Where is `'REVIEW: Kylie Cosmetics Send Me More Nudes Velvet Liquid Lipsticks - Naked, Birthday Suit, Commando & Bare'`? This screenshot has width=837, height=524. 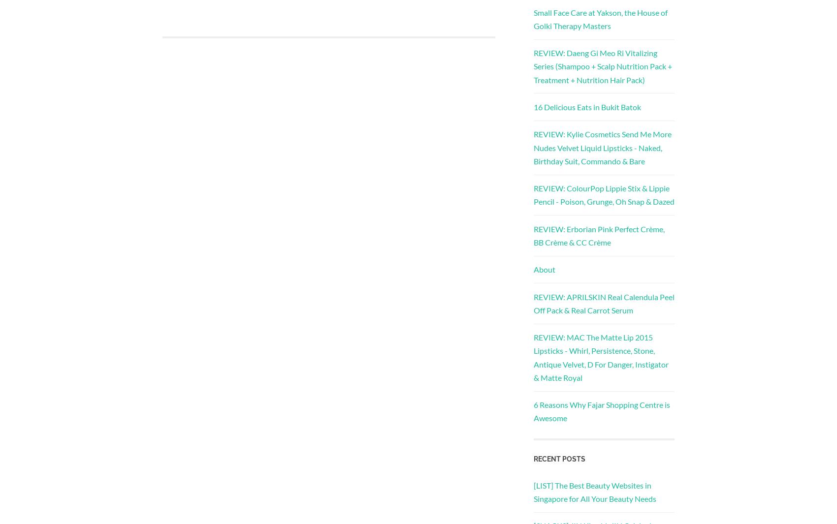
'REVIEW: Kylie Cosmetics Send Me More Nudes Velvet Liquid Lipsticks - Naked, Birthday Suit, Commando & Bare' is located at coordinates (602, 147).